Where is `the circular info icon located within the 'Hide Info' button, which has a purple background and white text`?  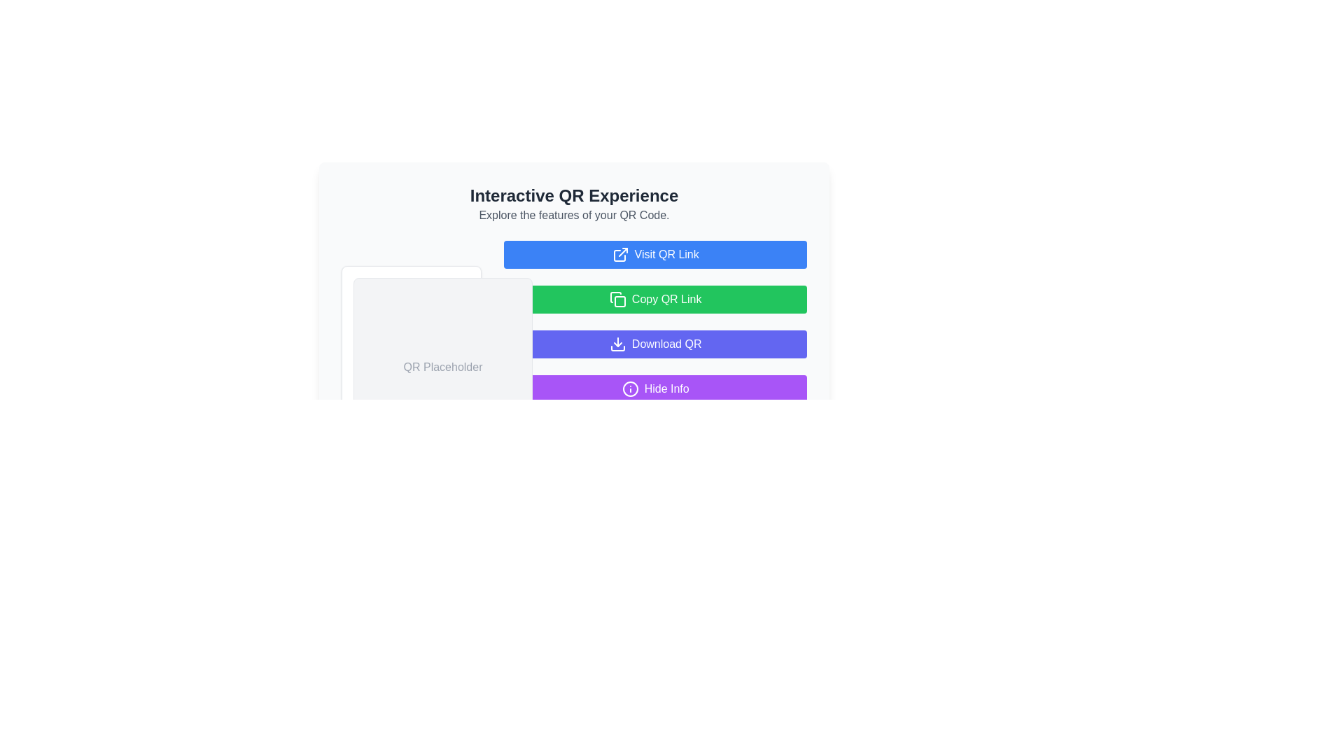 the circular info icon located within the 'Hide Info' button, which has a purple background and white text is located at coordinates (629, 388).